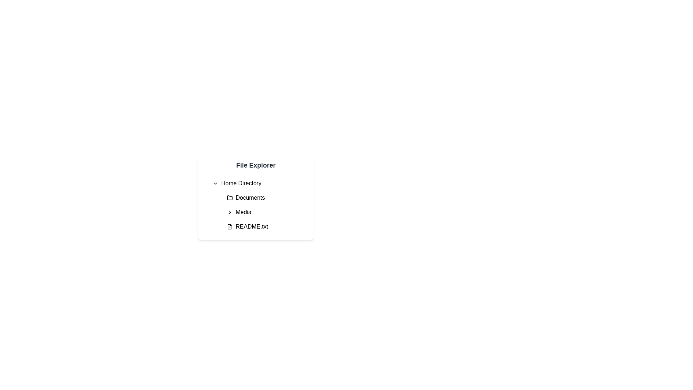 The height and width of the screenshot is (390, 693). What do you see at coordinates (243, 212) in the screenshot?
I see `the 'Media' text label that is styled with black font and positioned to the right of a right-facing arrow icon within a file explorer-like interface under the 'Documents' folder` at bounding box center [243, 212].